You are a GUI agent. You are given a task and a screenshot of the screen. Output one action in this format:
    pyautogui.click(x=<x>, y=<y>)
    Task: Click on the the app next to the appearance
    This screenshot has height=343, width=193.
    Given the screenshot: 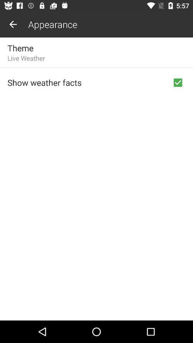 What is the action you would take?
    pyautogui.click(x=13, y=24)
    